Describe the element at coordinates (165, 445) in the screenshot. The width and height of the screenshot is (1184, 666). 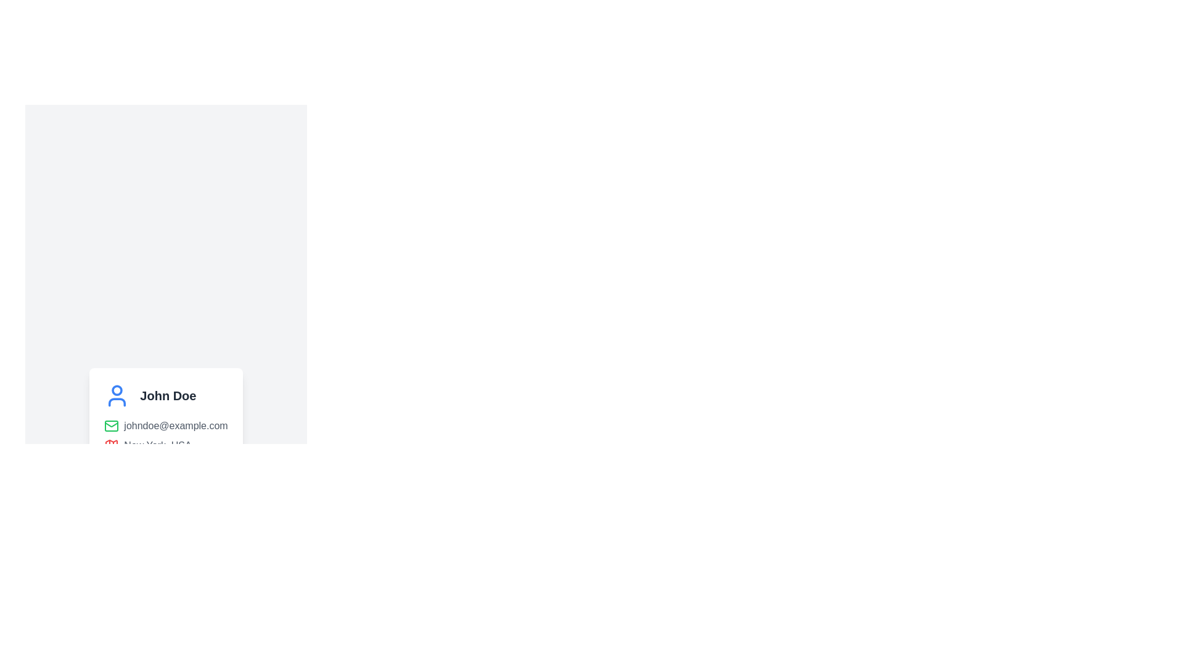
I see `label displaying 'New York, USA' with a red map icon, located in the bottom section of the card-like structure, below the email detail section` at that location.